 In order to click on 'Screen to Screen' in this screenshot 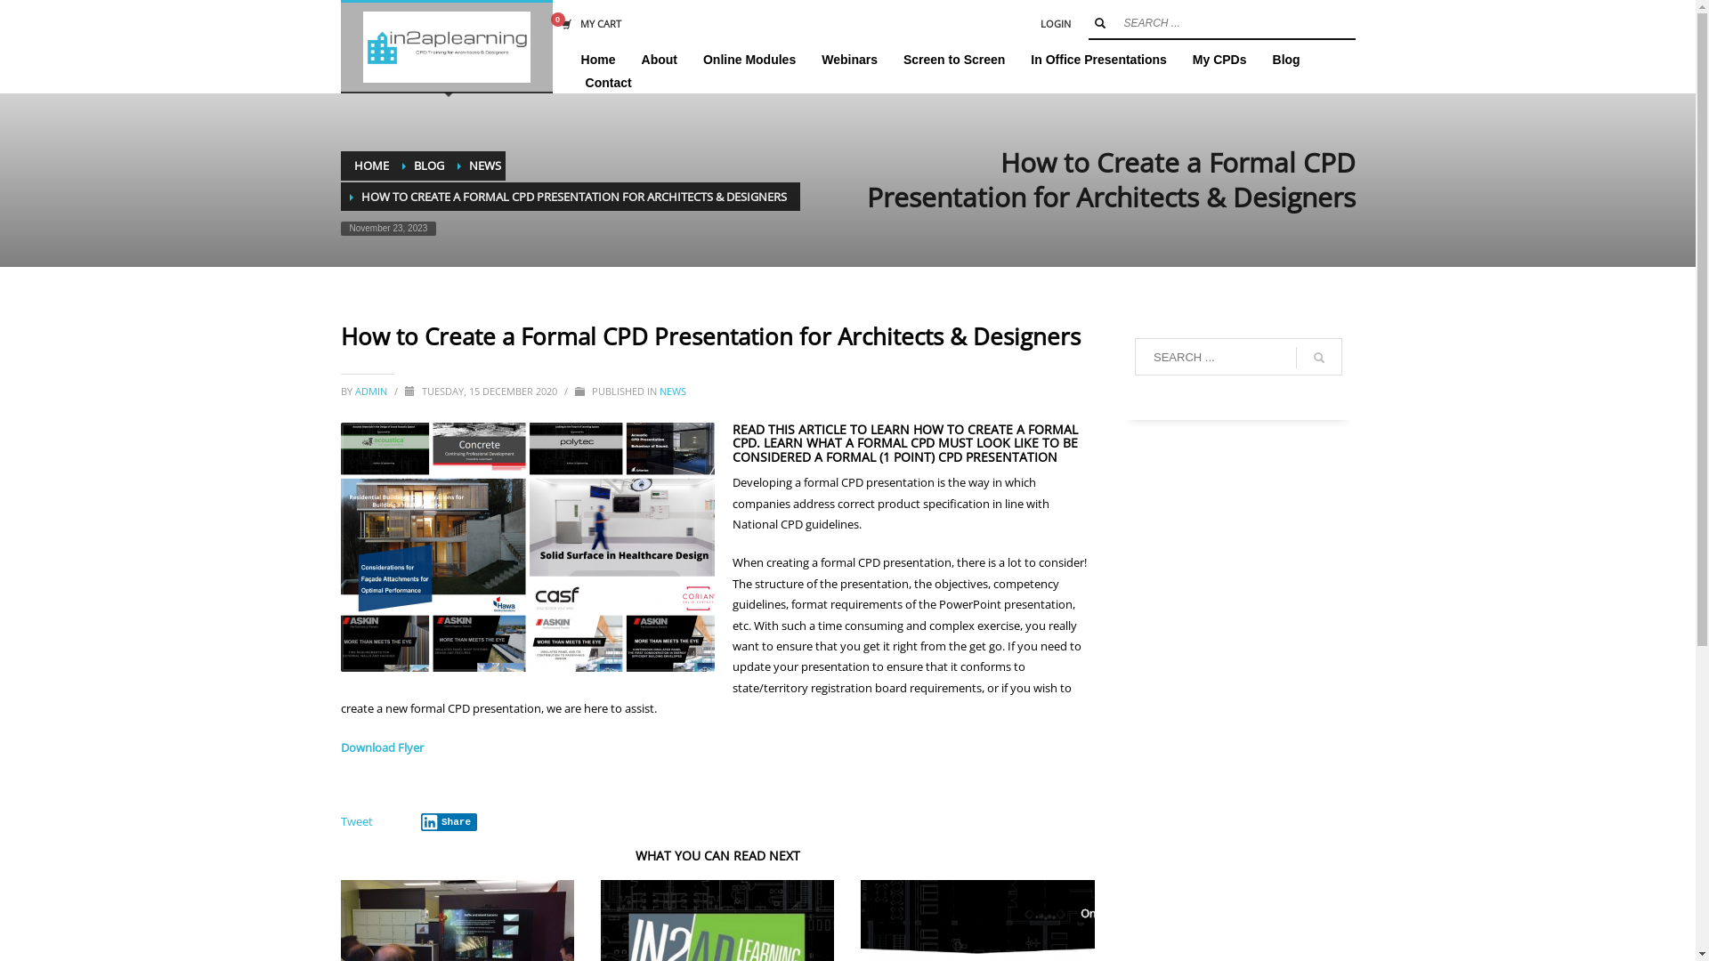, I will do `click(952, 58)`.